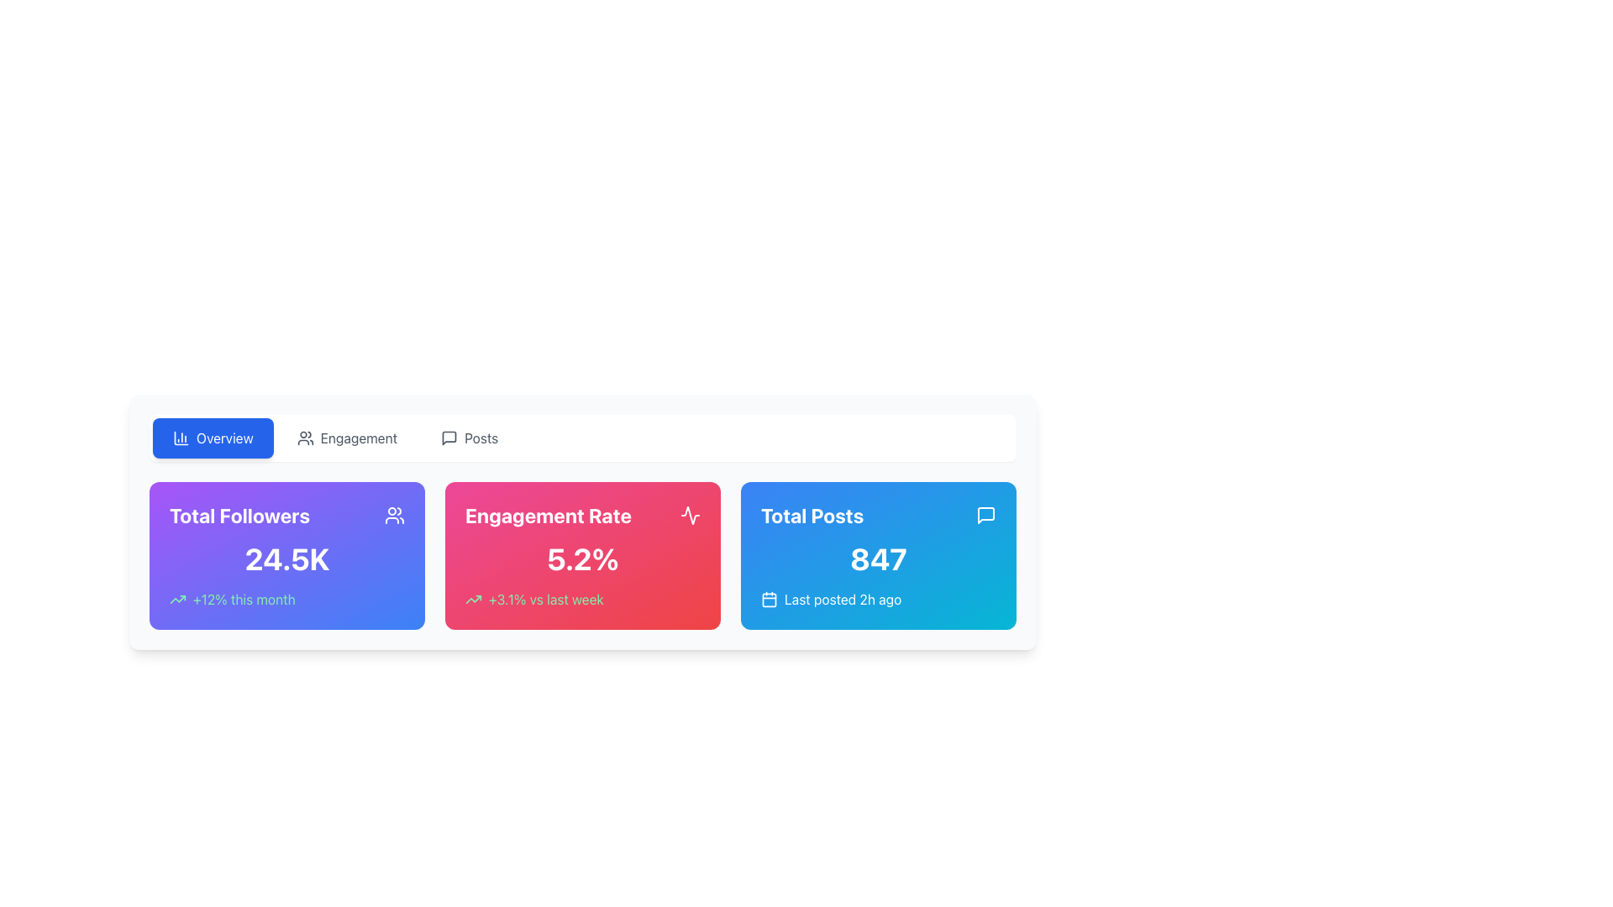 Image resolution: width=1613 pixels, height=907 pixels. Describe the element at coordinates (346, 437) in the screenshot. I see `the second button in the navigation menu` at that location.